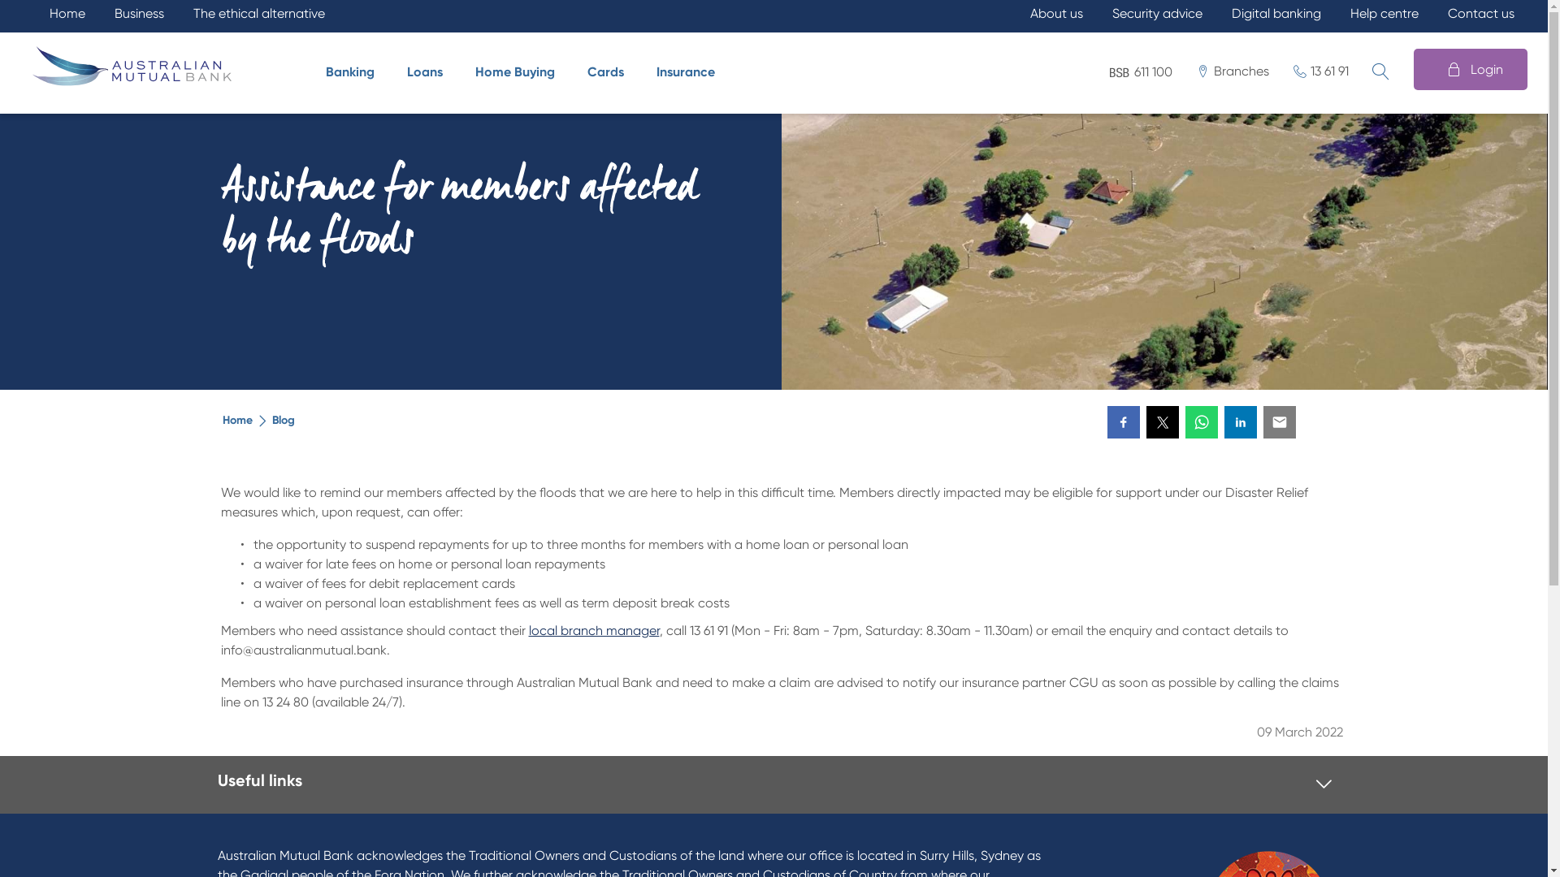 This screenshot has height=877, width=1560. What do you see at coordinates (643, 71) in the screenshot?
I see `'Insurance'` at bounding box center [643, 71].